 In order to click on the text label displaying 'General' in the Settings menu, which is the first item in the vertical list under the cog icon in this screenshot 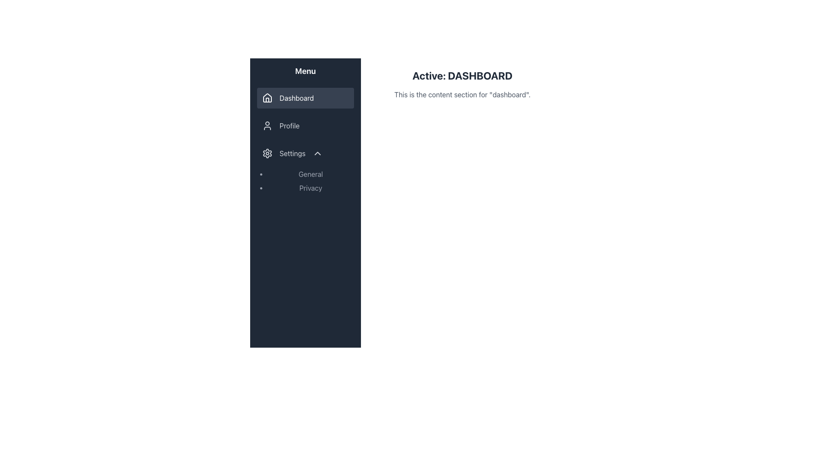, I will do `click(311, 174)`.